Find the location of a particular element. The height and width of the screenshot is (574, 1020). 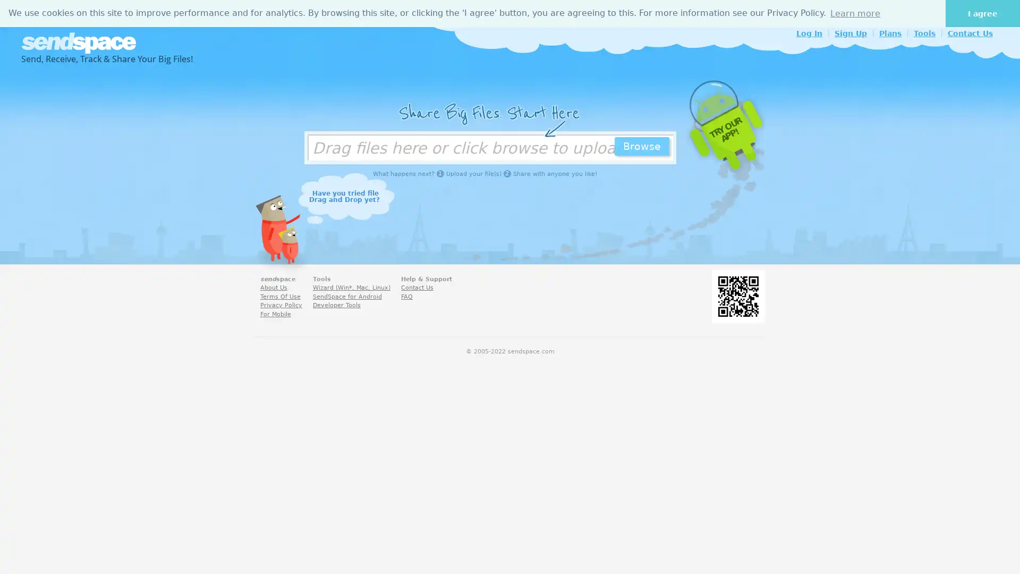

learn more about cookies is located at coordinates (855, 13).